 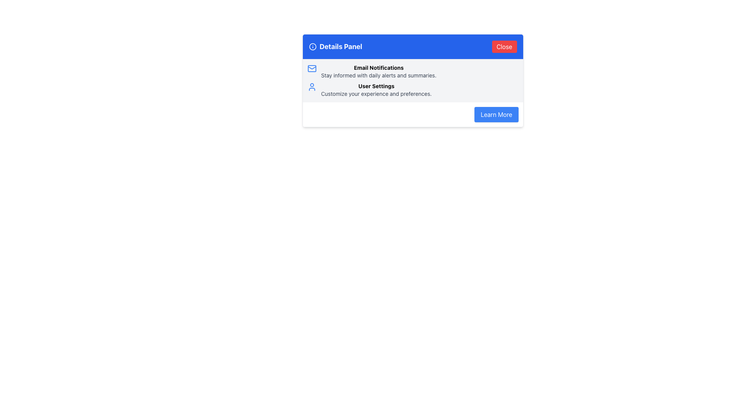 What do you see at coordinates (376, 94) in the screenshot?
I see `the descriptive text label located below the 'User Settings' heading in the middle section of the interface` at bounding box center [376, 94].